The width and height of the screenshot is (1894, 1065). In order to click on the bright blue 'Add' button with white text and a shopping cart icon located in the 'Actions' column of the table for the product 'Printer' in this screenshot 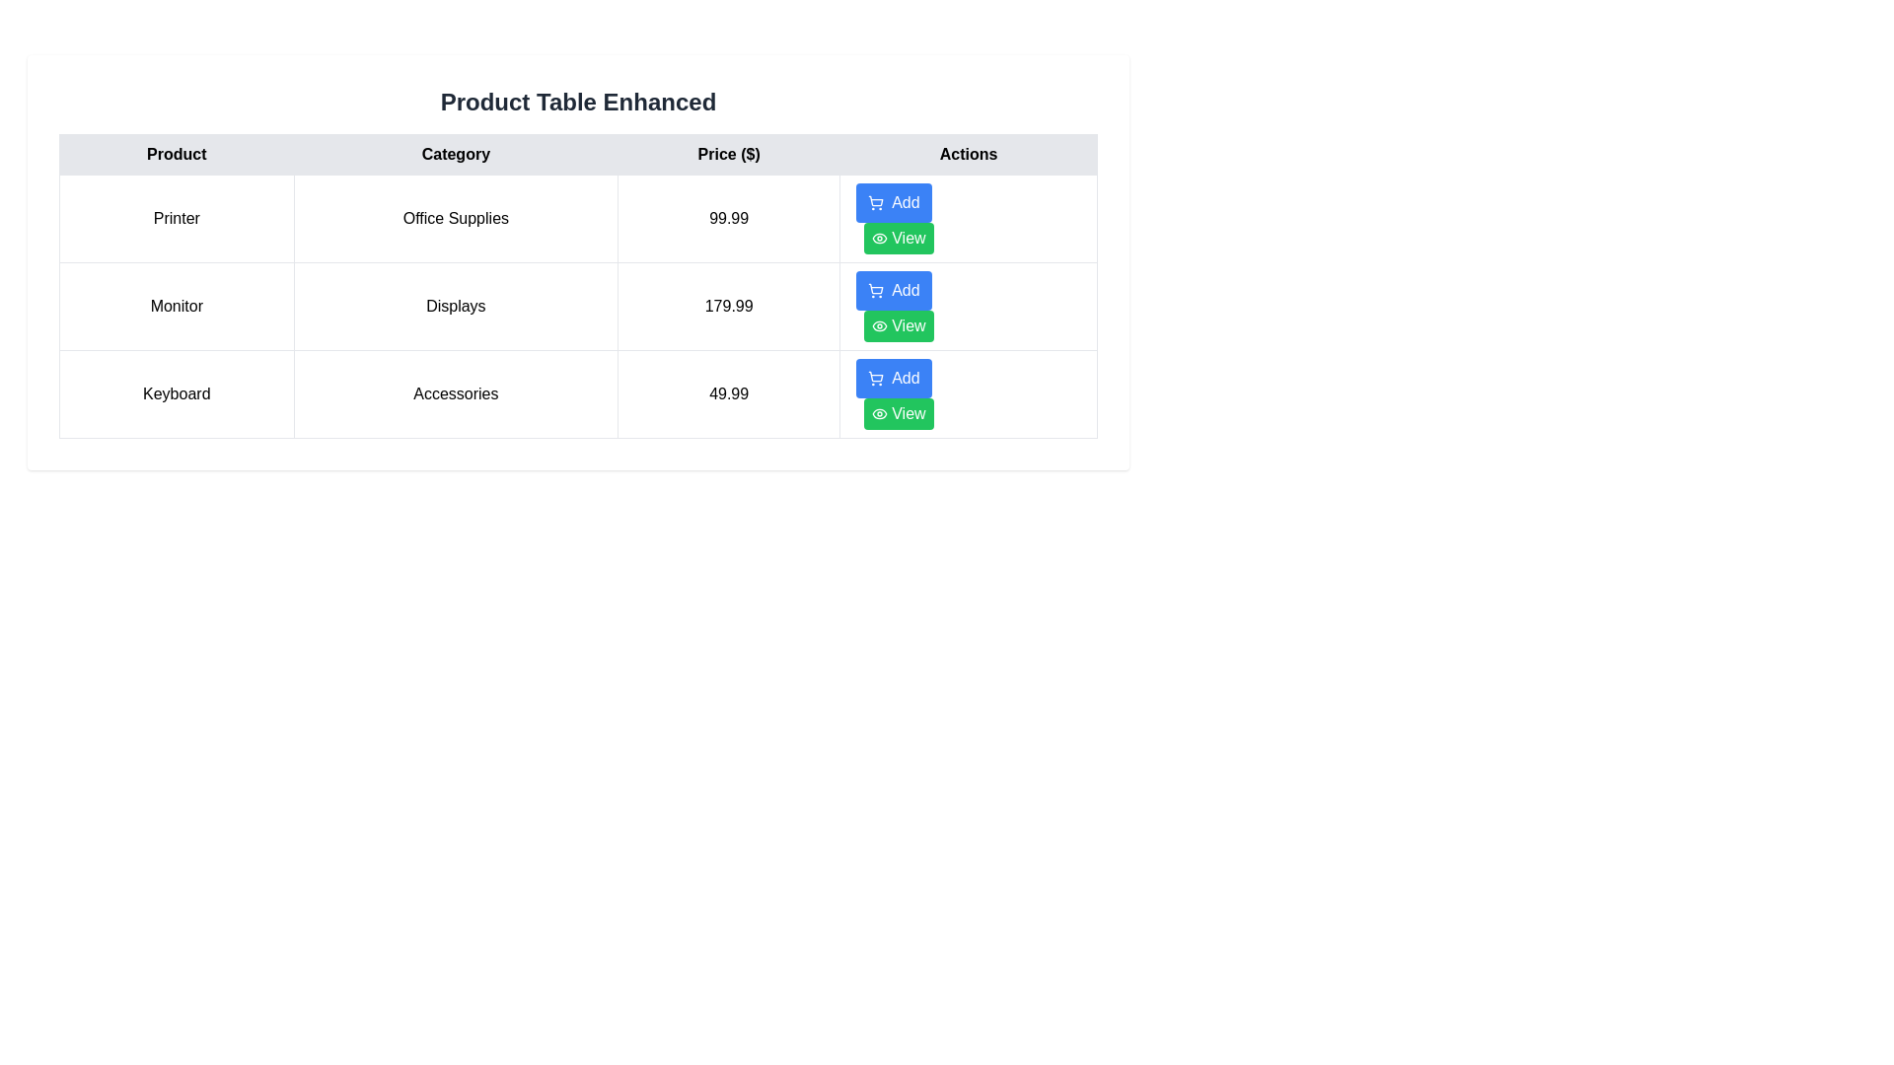, I will do `click(893, 202)`.